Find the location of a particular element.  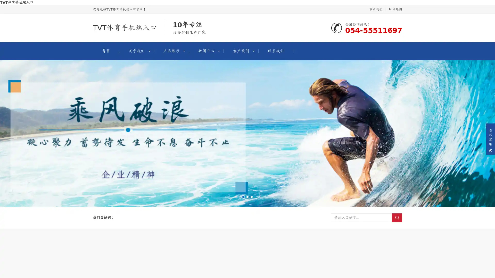

Go to slide 1 is located at coordinates (243, 197).